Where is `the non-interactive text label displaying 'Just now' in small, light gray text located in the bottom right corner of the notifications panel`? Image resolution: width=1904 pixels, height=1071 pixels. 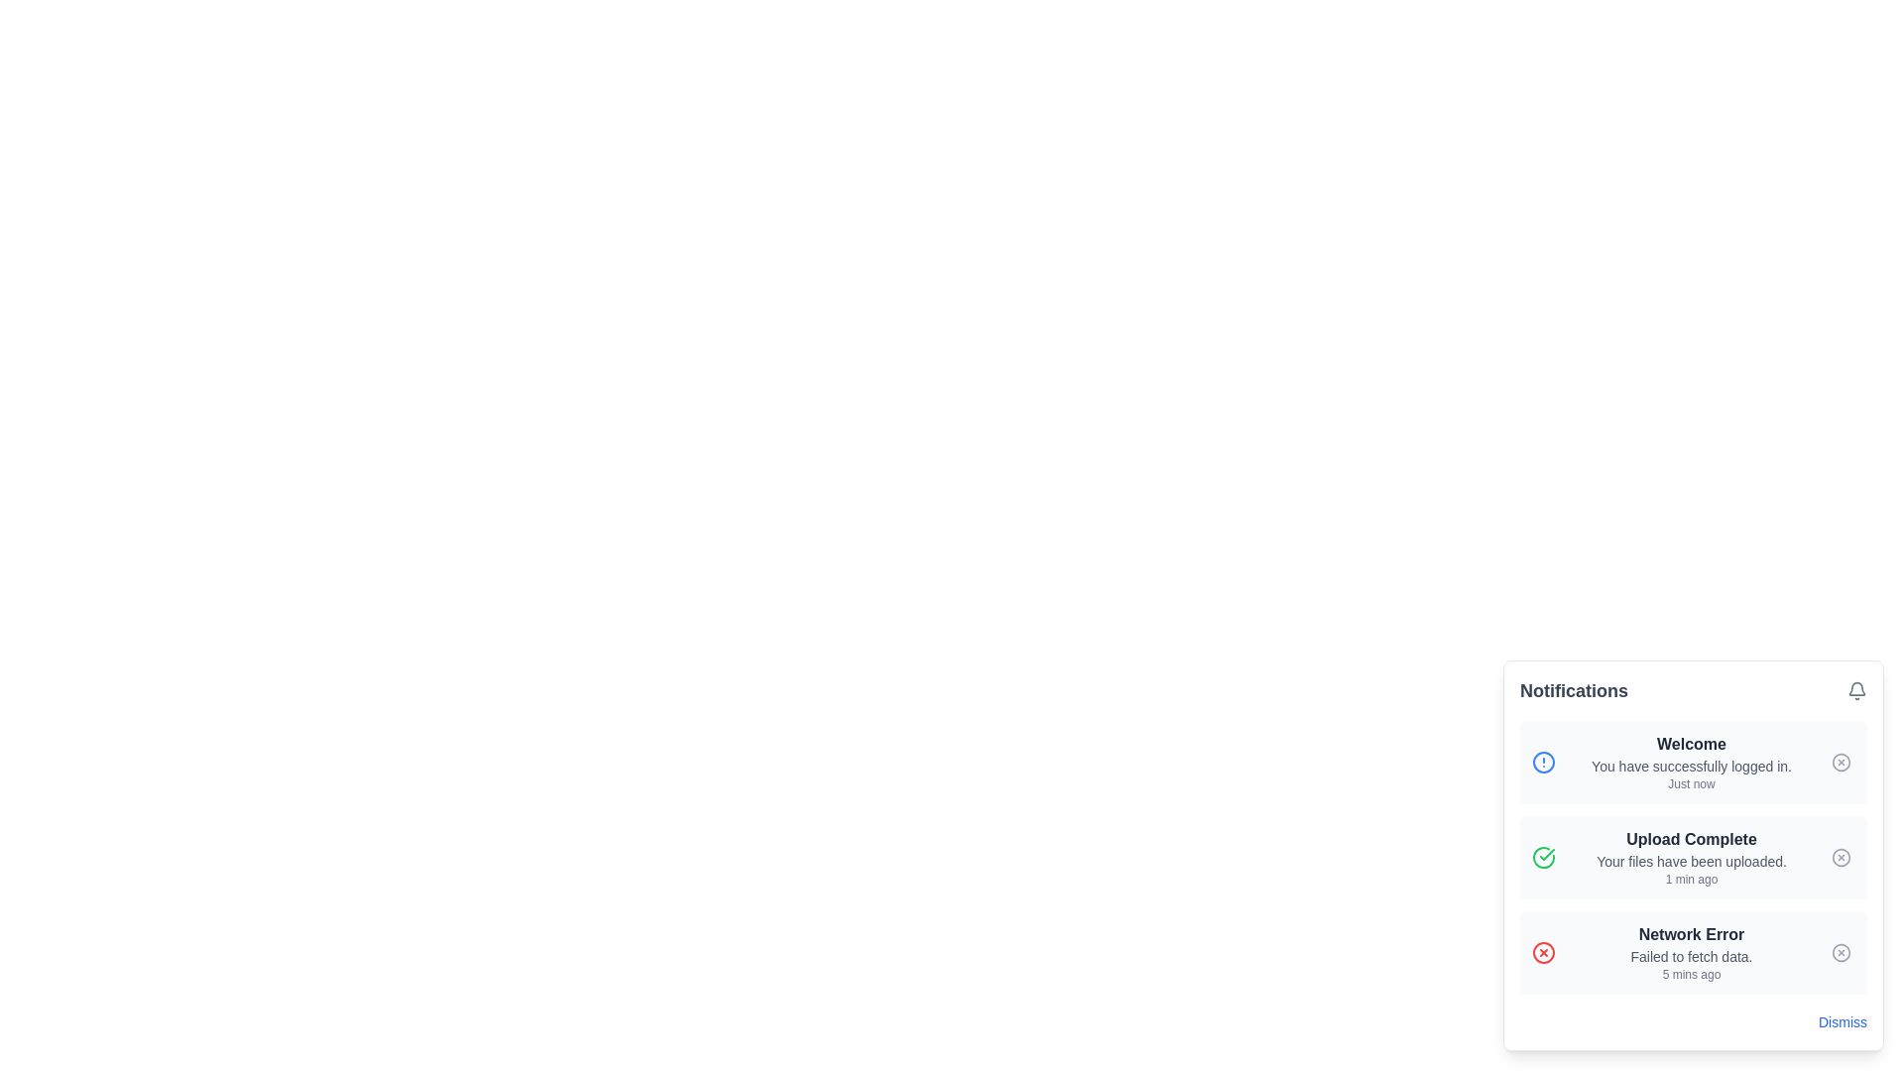 the non-interactive text label displaying 'Just now' in small, light gray text located in the bottom right corner of the notifications panel is located at coordinates (1690, 782).